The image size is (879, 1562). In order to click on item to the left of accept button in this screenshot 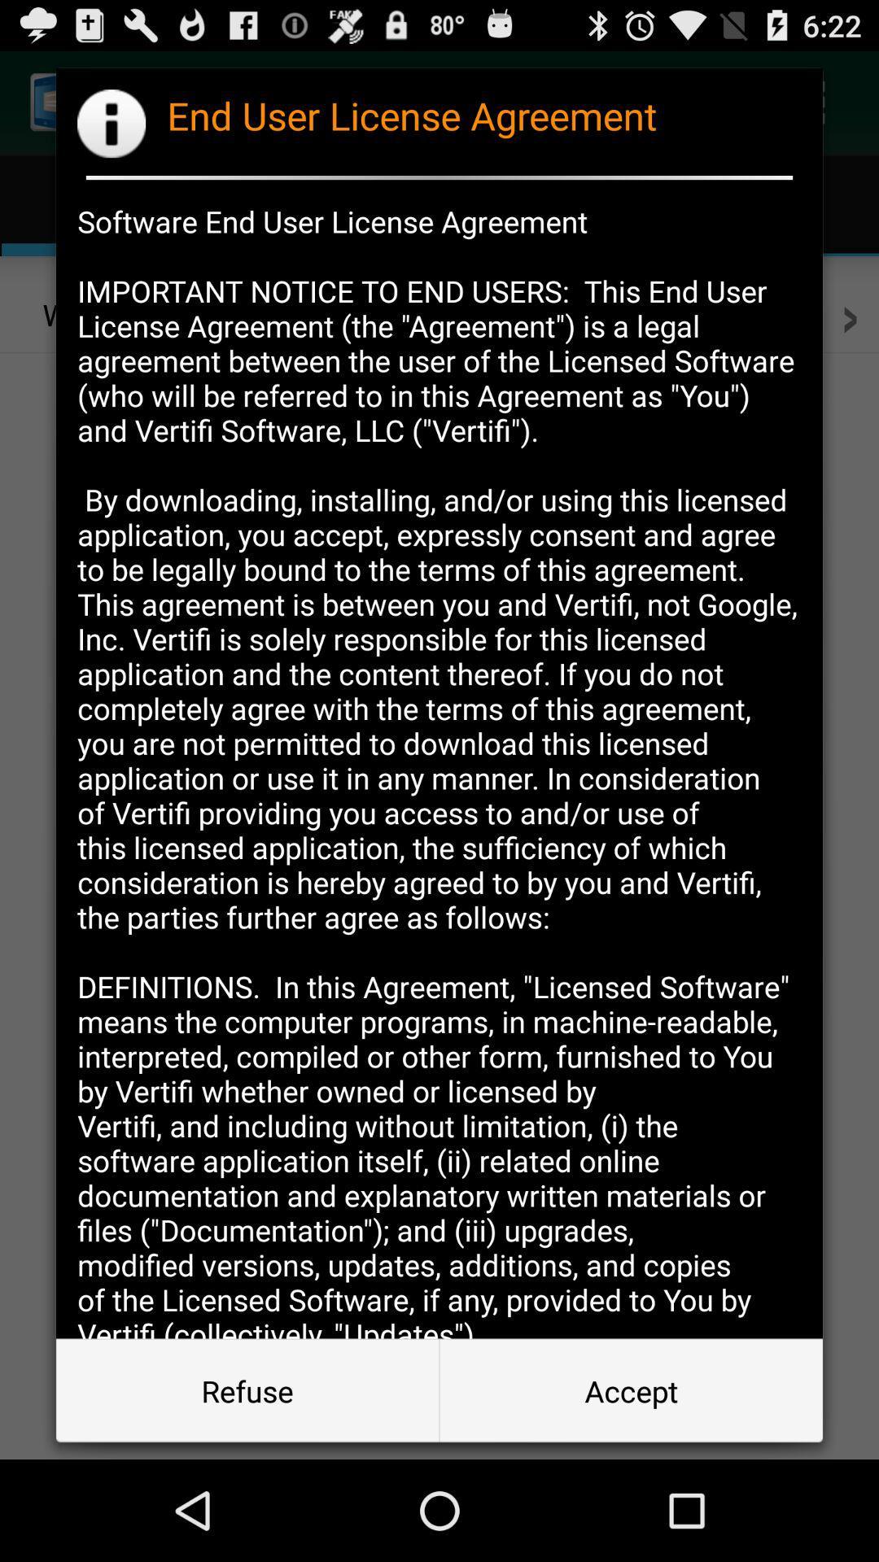, I will do `click(247, 1390)`.